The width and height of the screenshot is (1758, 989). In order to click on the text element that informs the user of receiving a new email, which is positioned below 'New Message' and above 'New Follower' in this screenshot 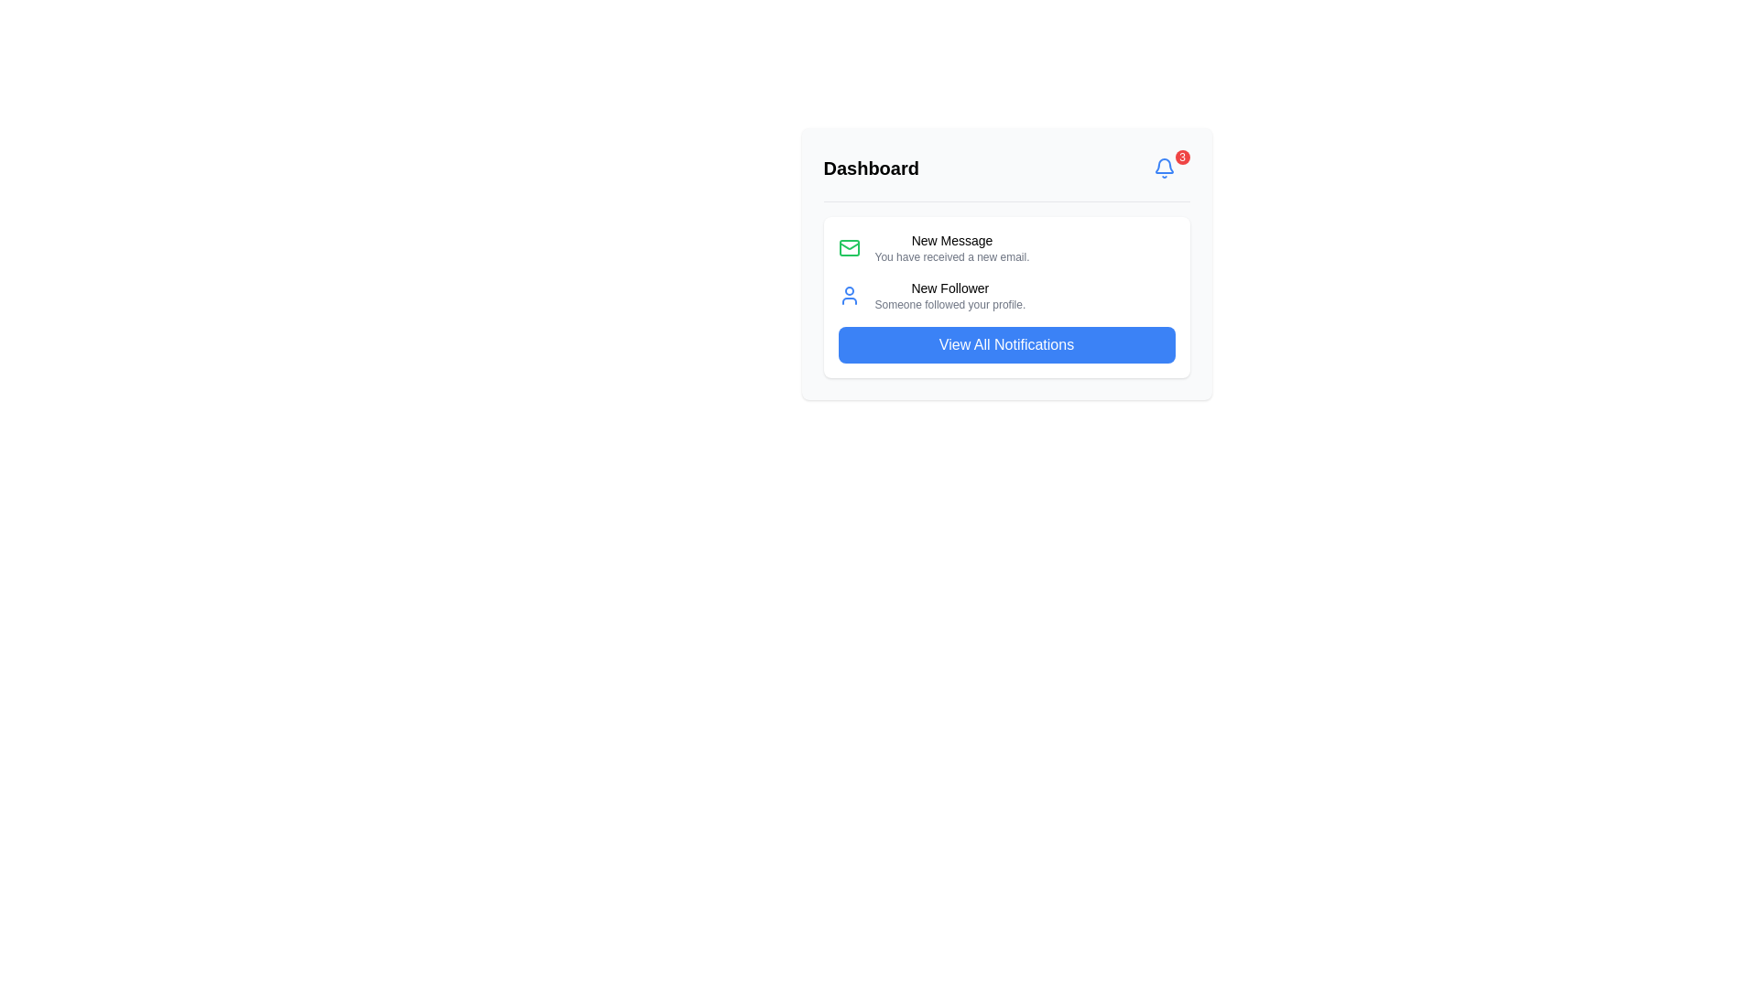, I will do `click(952, 257)`.